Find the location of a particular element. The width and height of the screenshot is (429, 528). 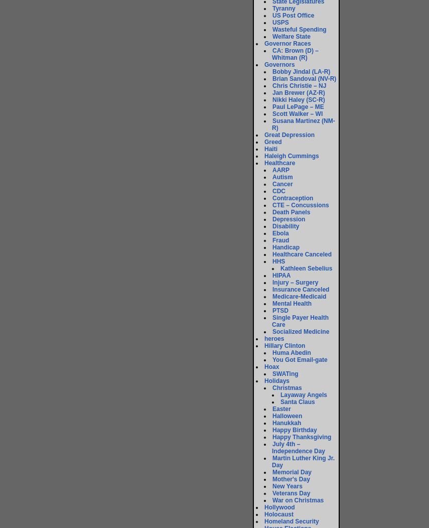

'Cancer' is located at coordinates (282, 184).